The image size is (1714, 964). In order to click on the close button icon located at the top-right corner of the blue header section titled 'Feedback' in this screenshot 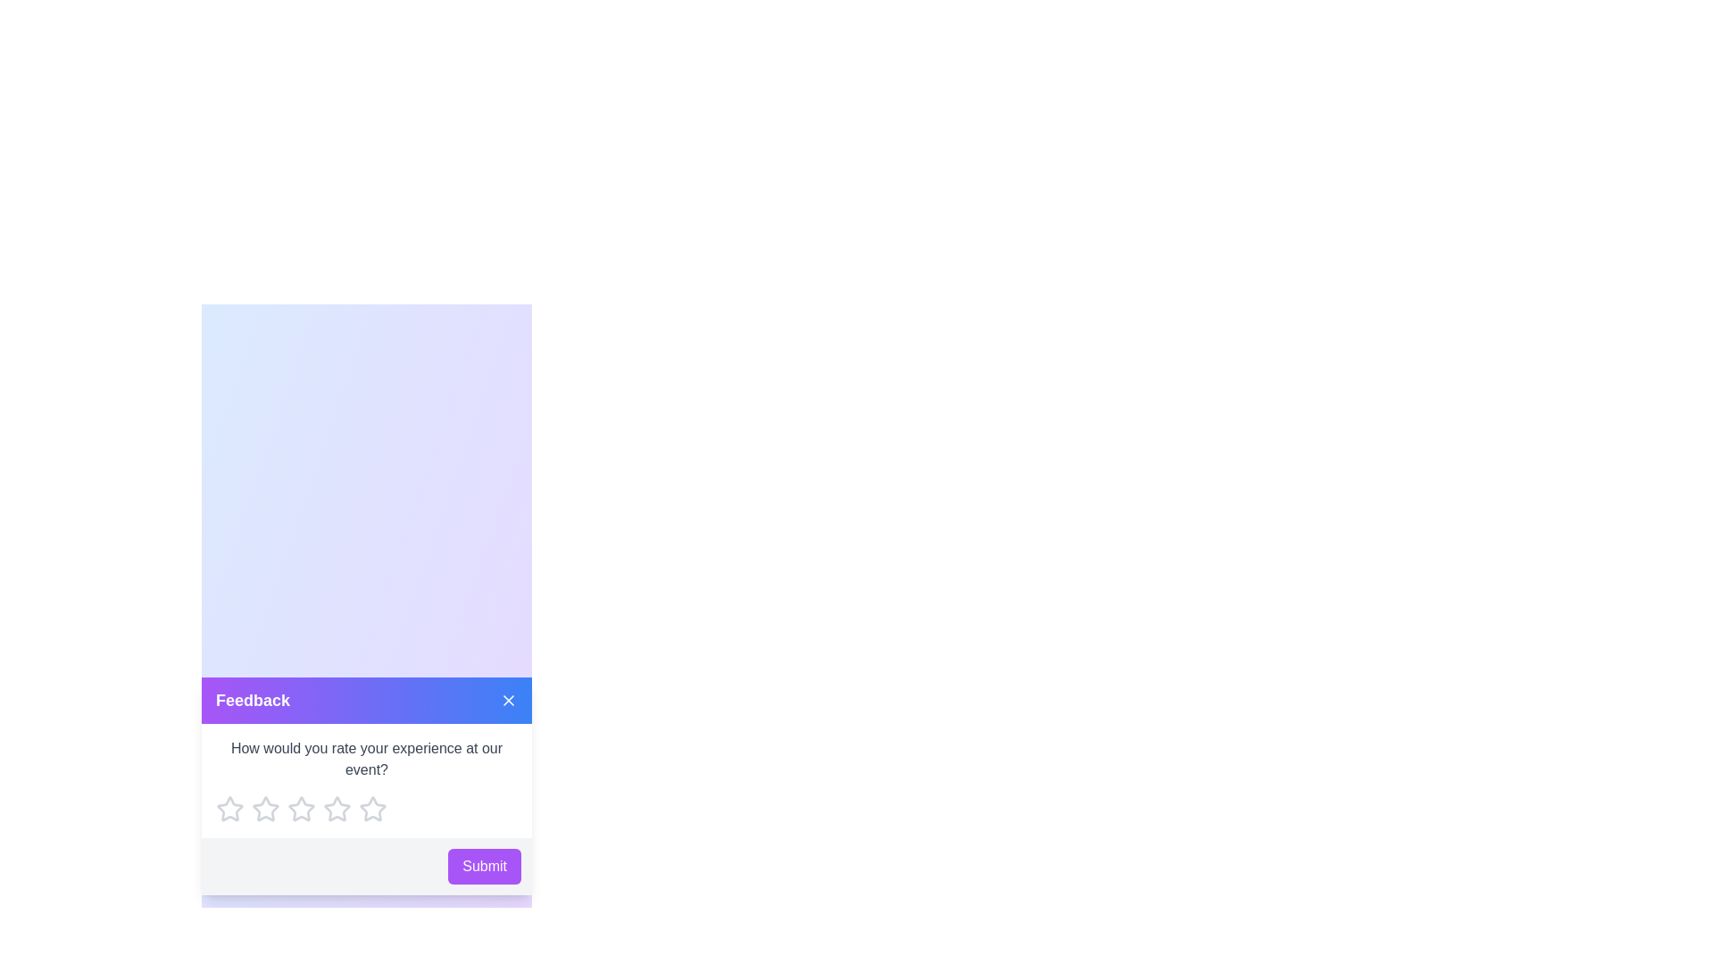, I will do `click(508, 700)`.